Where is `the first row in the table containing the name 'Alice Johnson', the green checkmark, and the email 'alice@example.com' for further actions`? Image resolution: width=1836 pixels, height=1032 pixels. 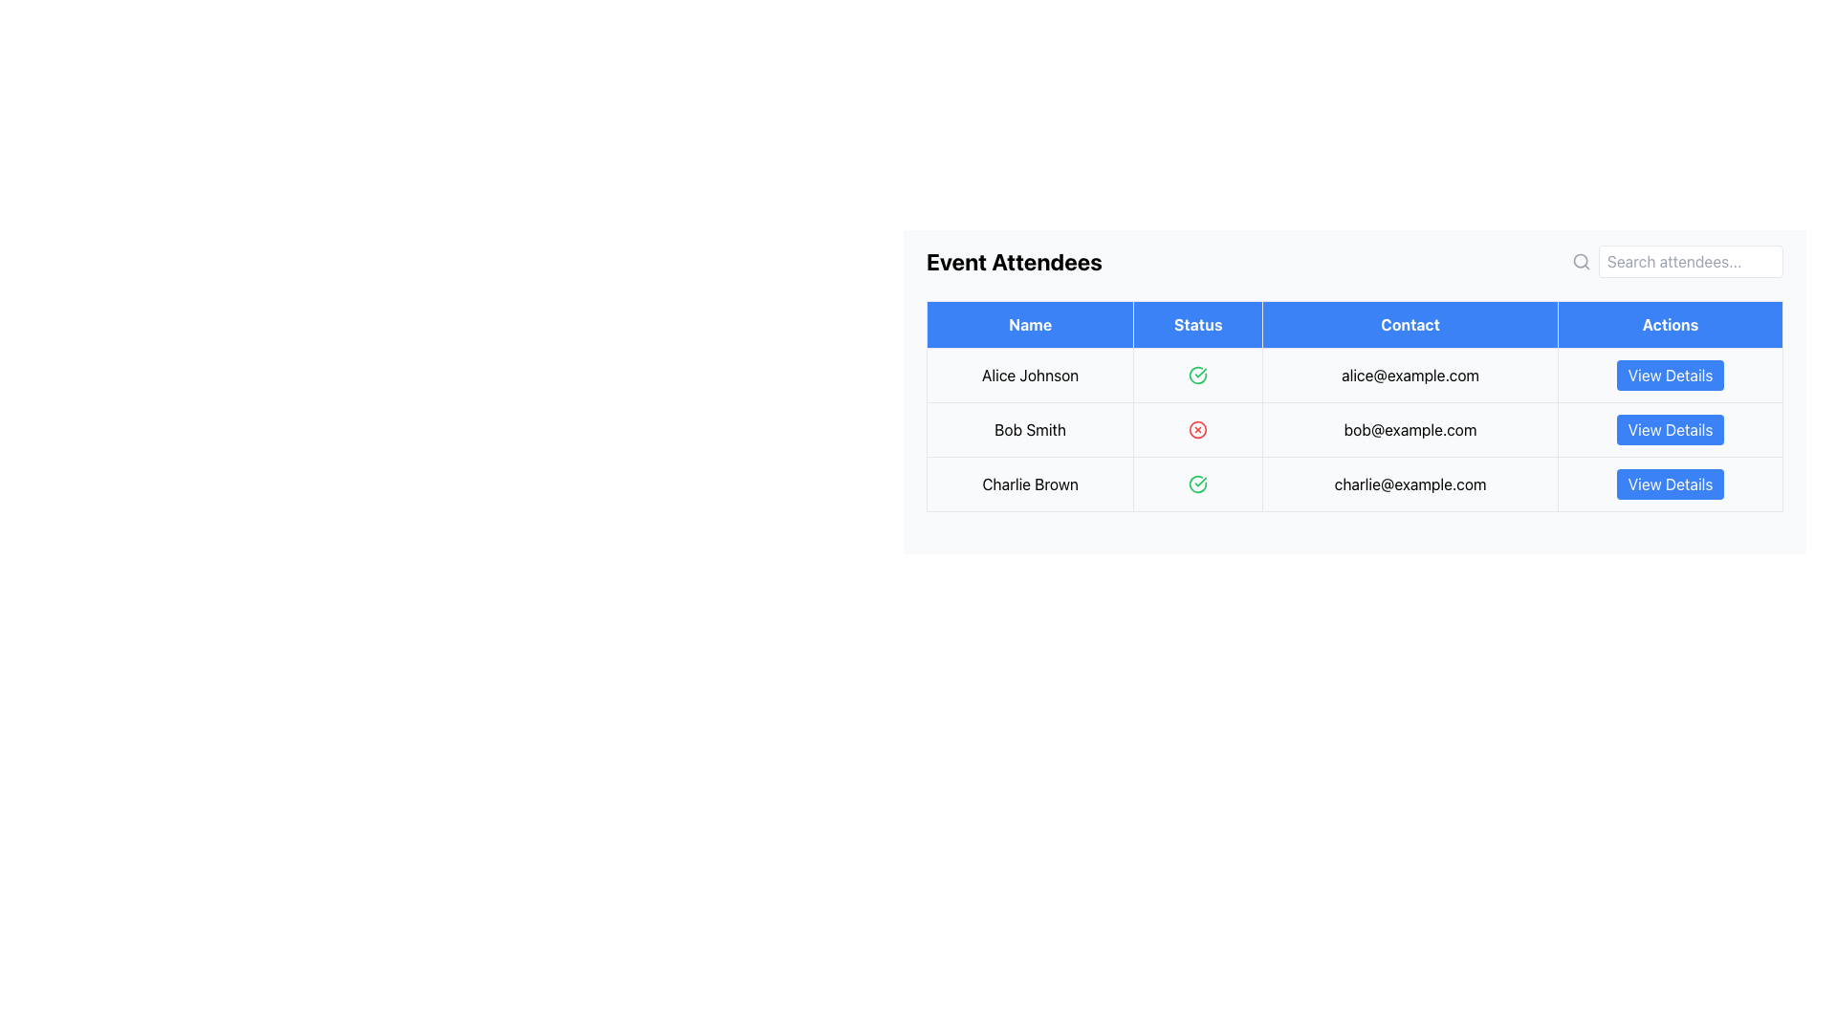
the first row in the table containing the name 'Alice Johnson', the green checkmark, and the email 'alice@example.com' for further actions is located at coordinates (1353, 376).